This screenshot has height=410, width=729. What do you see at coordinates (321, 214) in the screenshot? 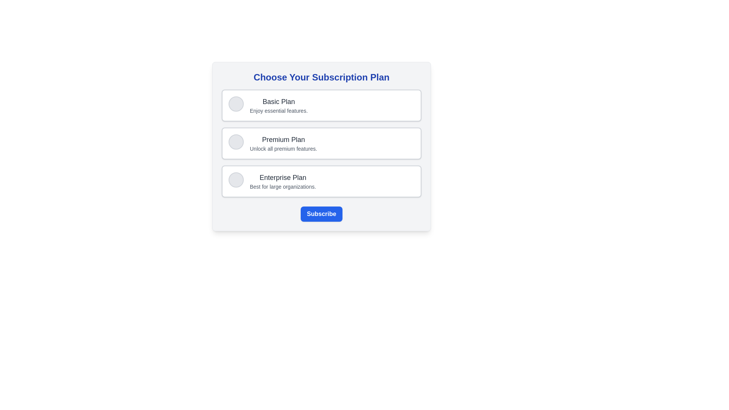
I see `the 'Subscribe' button, which has a blue background and white bold text, located at the bottom of the subscription selection card` at bounding box center [321, 214].